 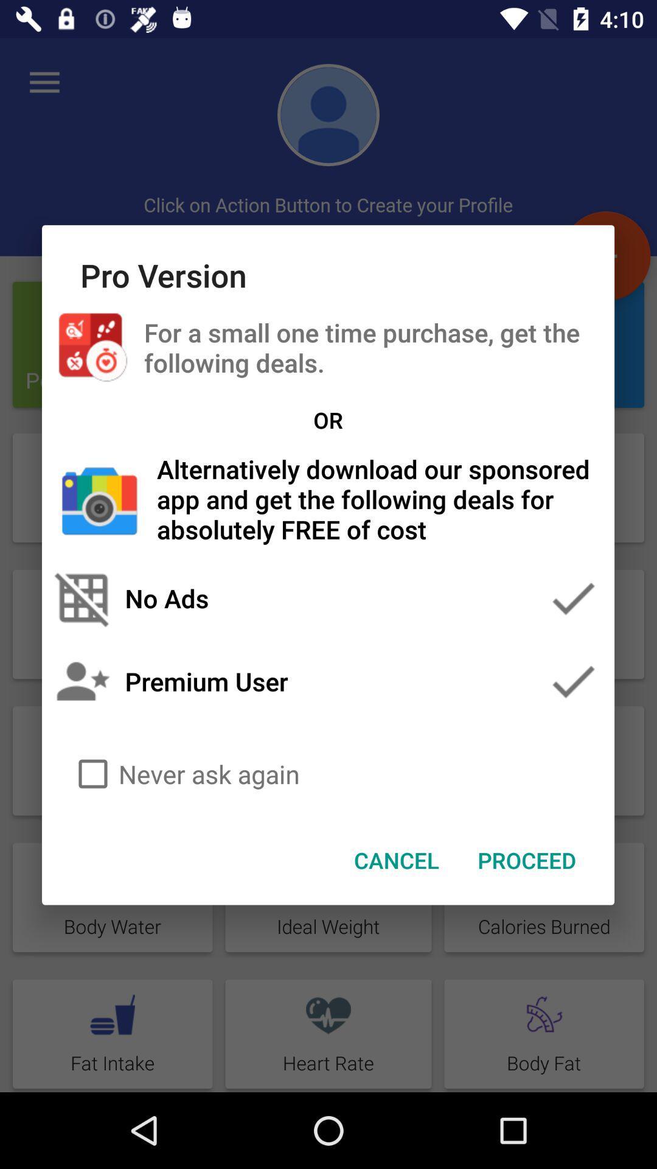 What do you see at coordinates (397, 859) in the screenshot?
I see `icon below the never ask again icon` at bounding box center [397, 859].